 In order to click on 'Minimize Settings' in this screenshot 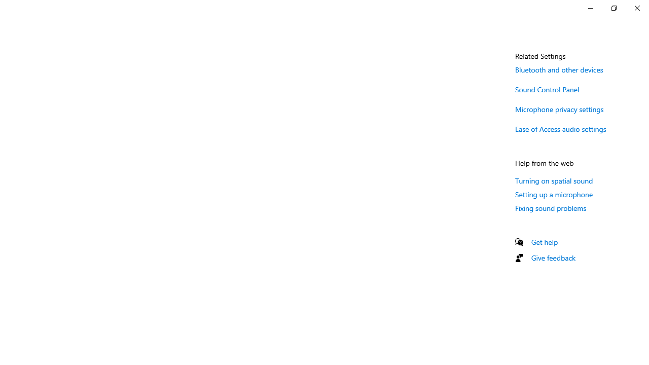, I will do `click(590, 8)`.